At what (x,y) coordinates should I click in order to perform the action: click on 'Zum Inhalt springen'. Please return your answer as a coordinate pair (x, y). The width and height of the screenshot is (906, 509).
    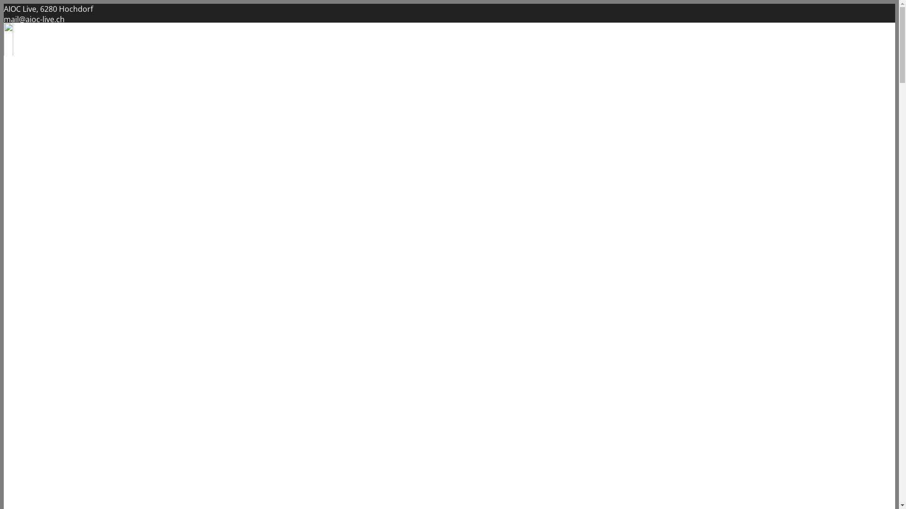
    Looking at the image, I should click on (3, 3).